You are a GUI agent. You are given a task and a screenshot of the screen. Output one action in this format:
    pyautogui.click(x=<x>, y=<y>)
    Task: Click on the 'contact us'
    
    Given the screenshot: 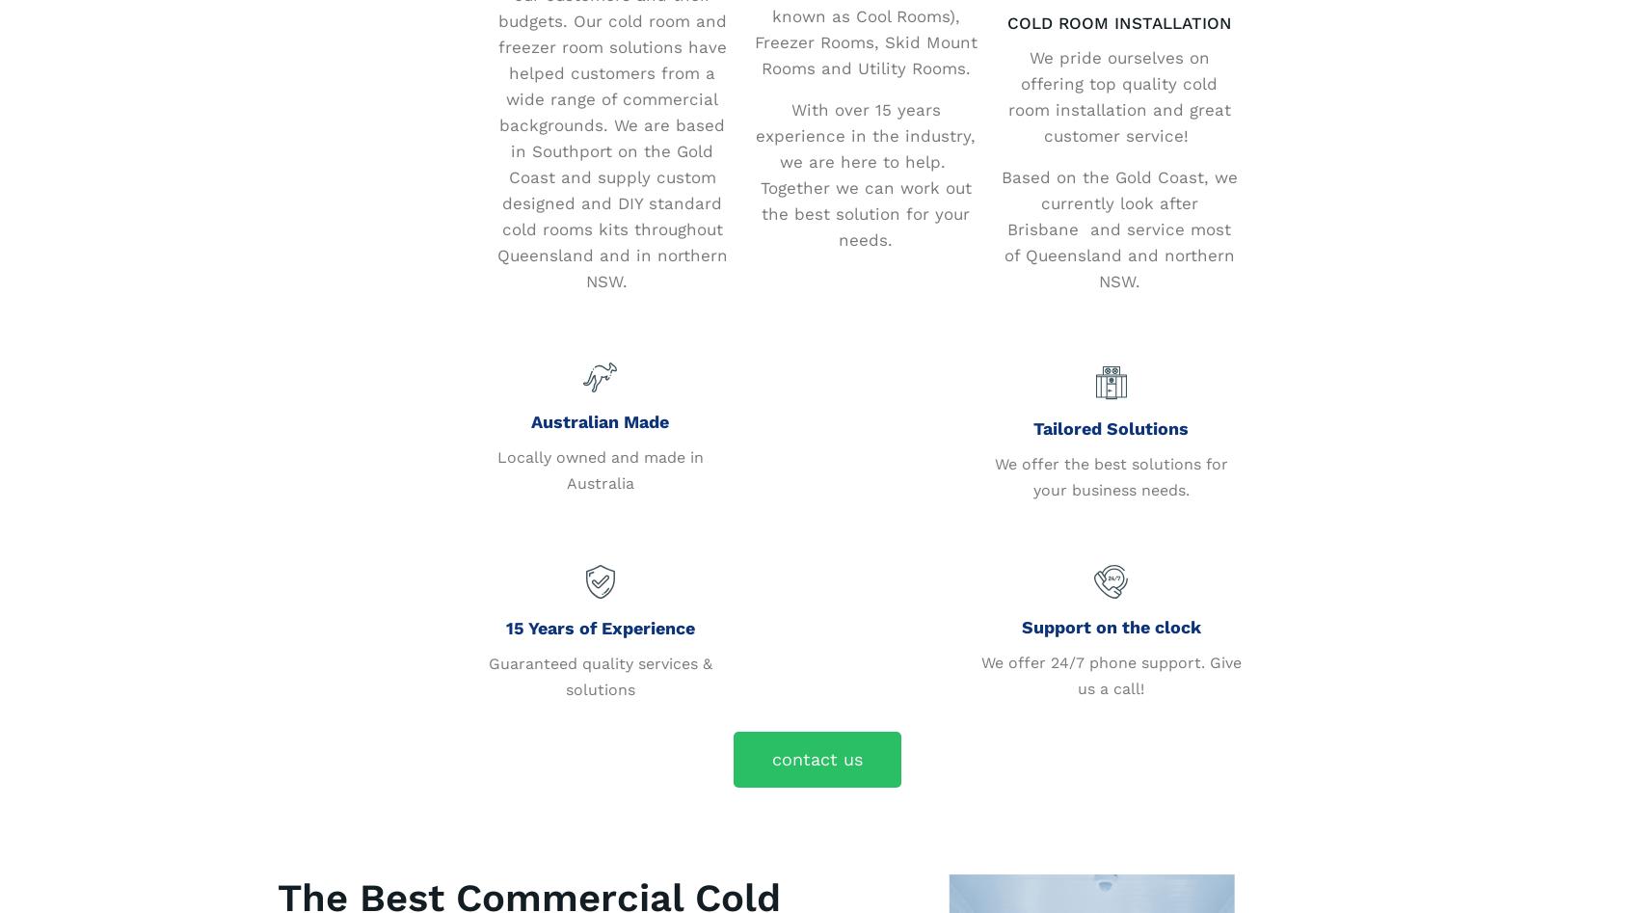 What is the action you would take?
    pyautogui.click(x=816, y=758)
    